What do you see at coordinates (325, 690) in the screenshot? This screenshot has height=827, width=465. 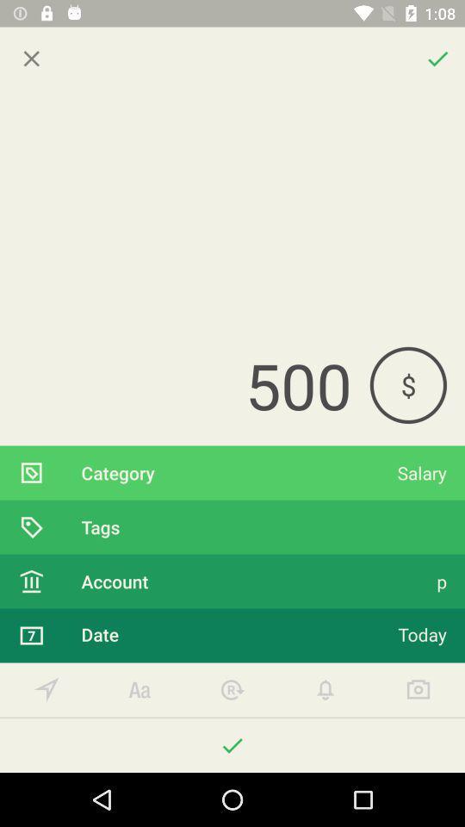 I see `notifications` at bounding box center [325, 690].